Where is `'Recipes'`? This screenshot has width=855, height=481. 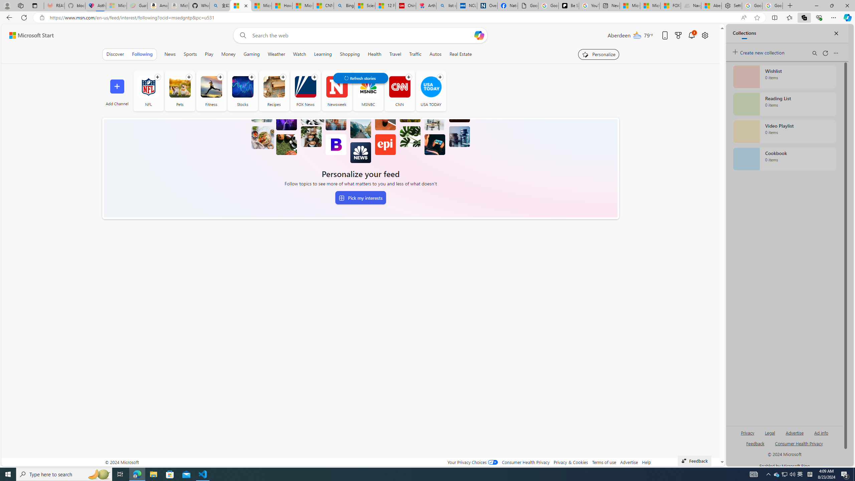
'Recipes' is located at coordinates (274, 86).